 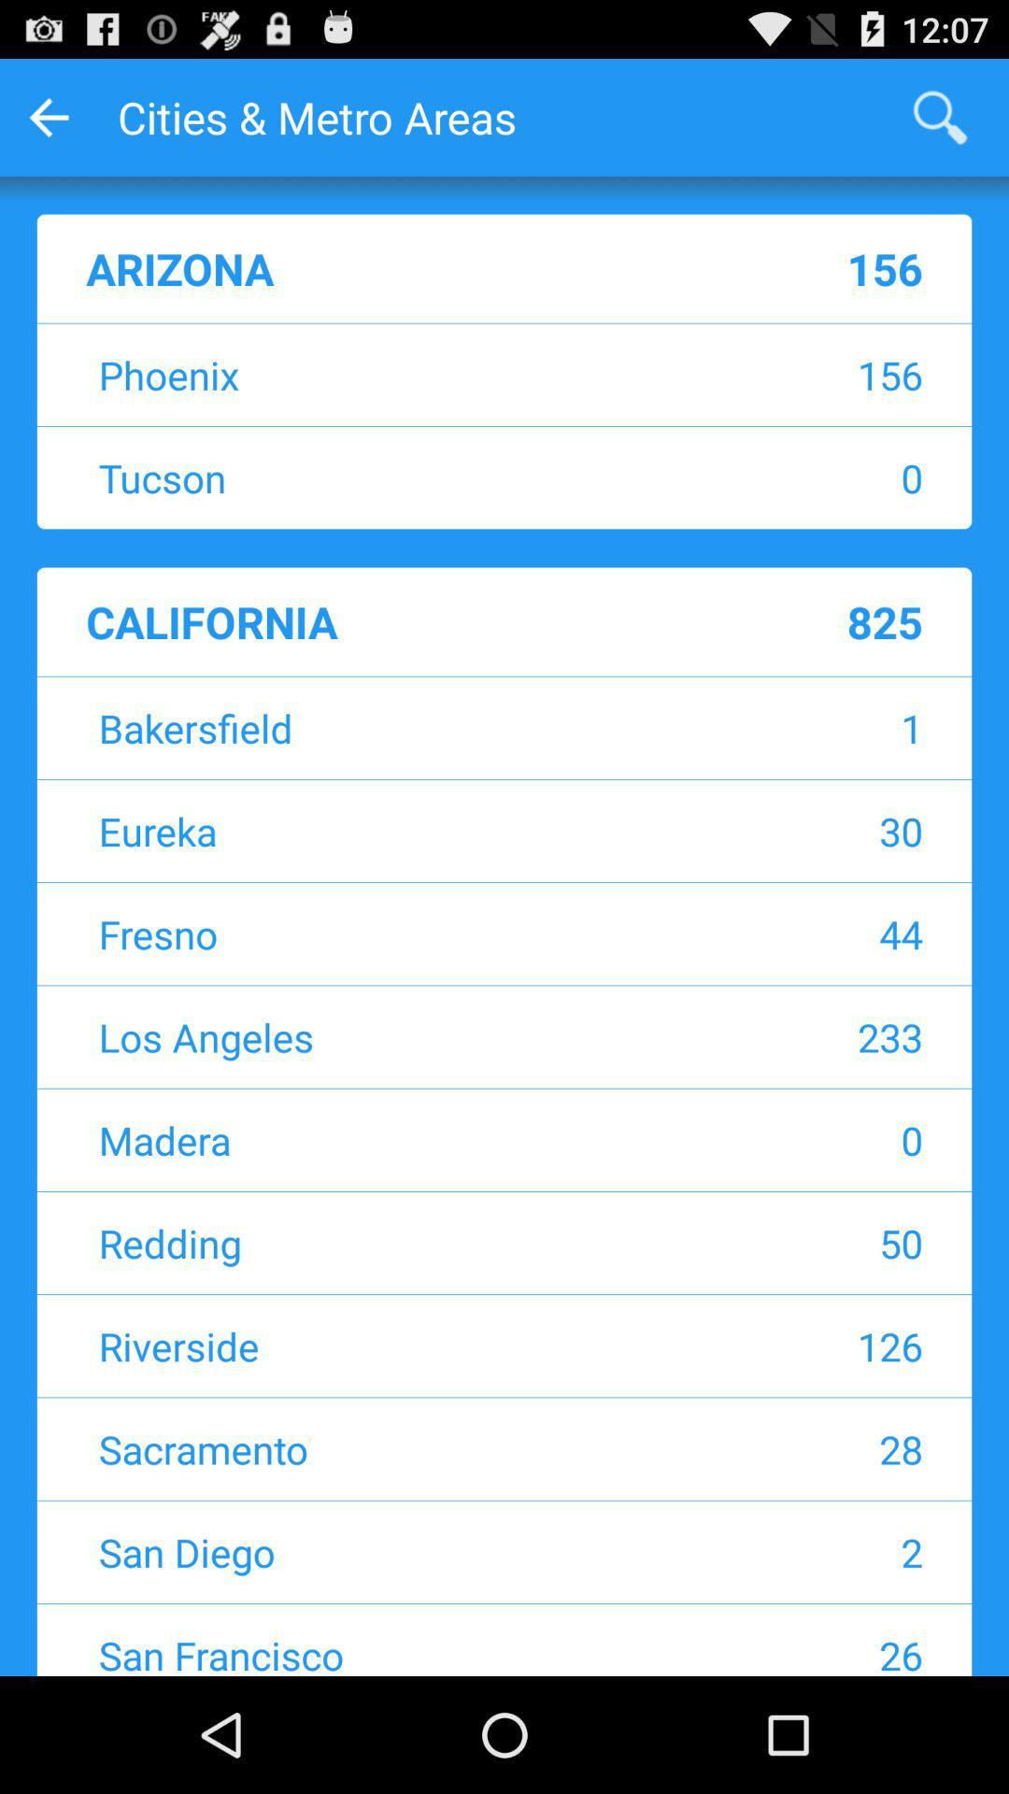 What do you see at coordinates (799, 727) in the screenshot?
I see `the icon above the eureka app` at bounding box center [799, 727].